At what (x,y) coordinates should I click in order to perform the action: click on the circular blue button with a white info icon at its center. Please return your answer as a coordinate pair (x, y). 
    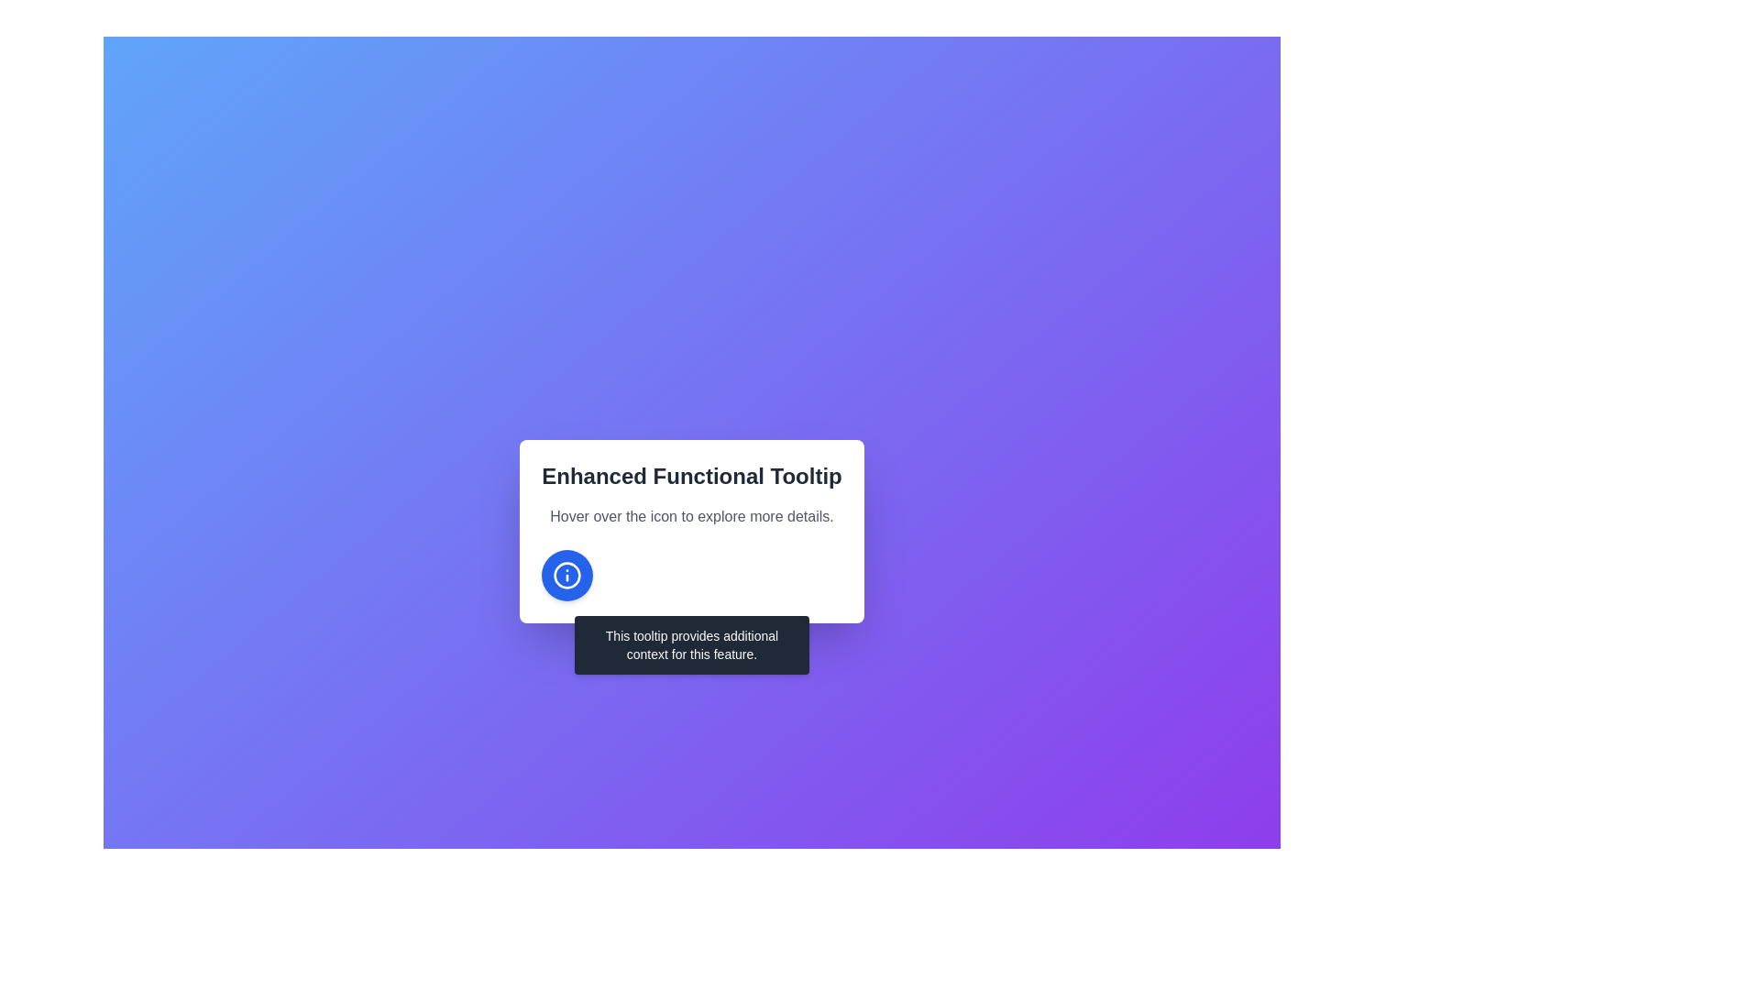
    Looking at the image, I should click on (566, 575).